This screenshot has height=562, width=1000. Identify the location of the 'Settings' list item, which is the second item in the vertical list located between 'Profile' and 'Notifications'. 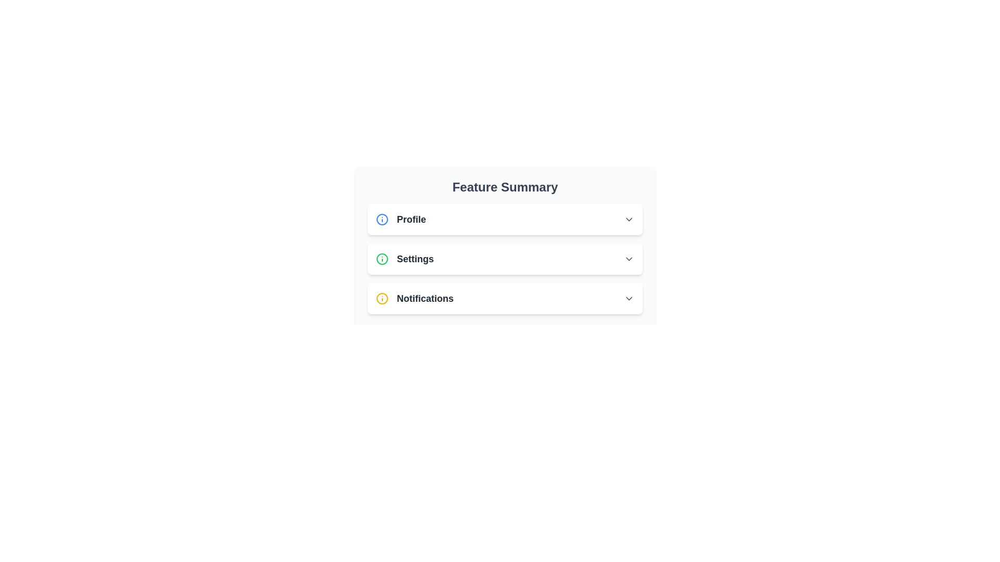
(505, 258).